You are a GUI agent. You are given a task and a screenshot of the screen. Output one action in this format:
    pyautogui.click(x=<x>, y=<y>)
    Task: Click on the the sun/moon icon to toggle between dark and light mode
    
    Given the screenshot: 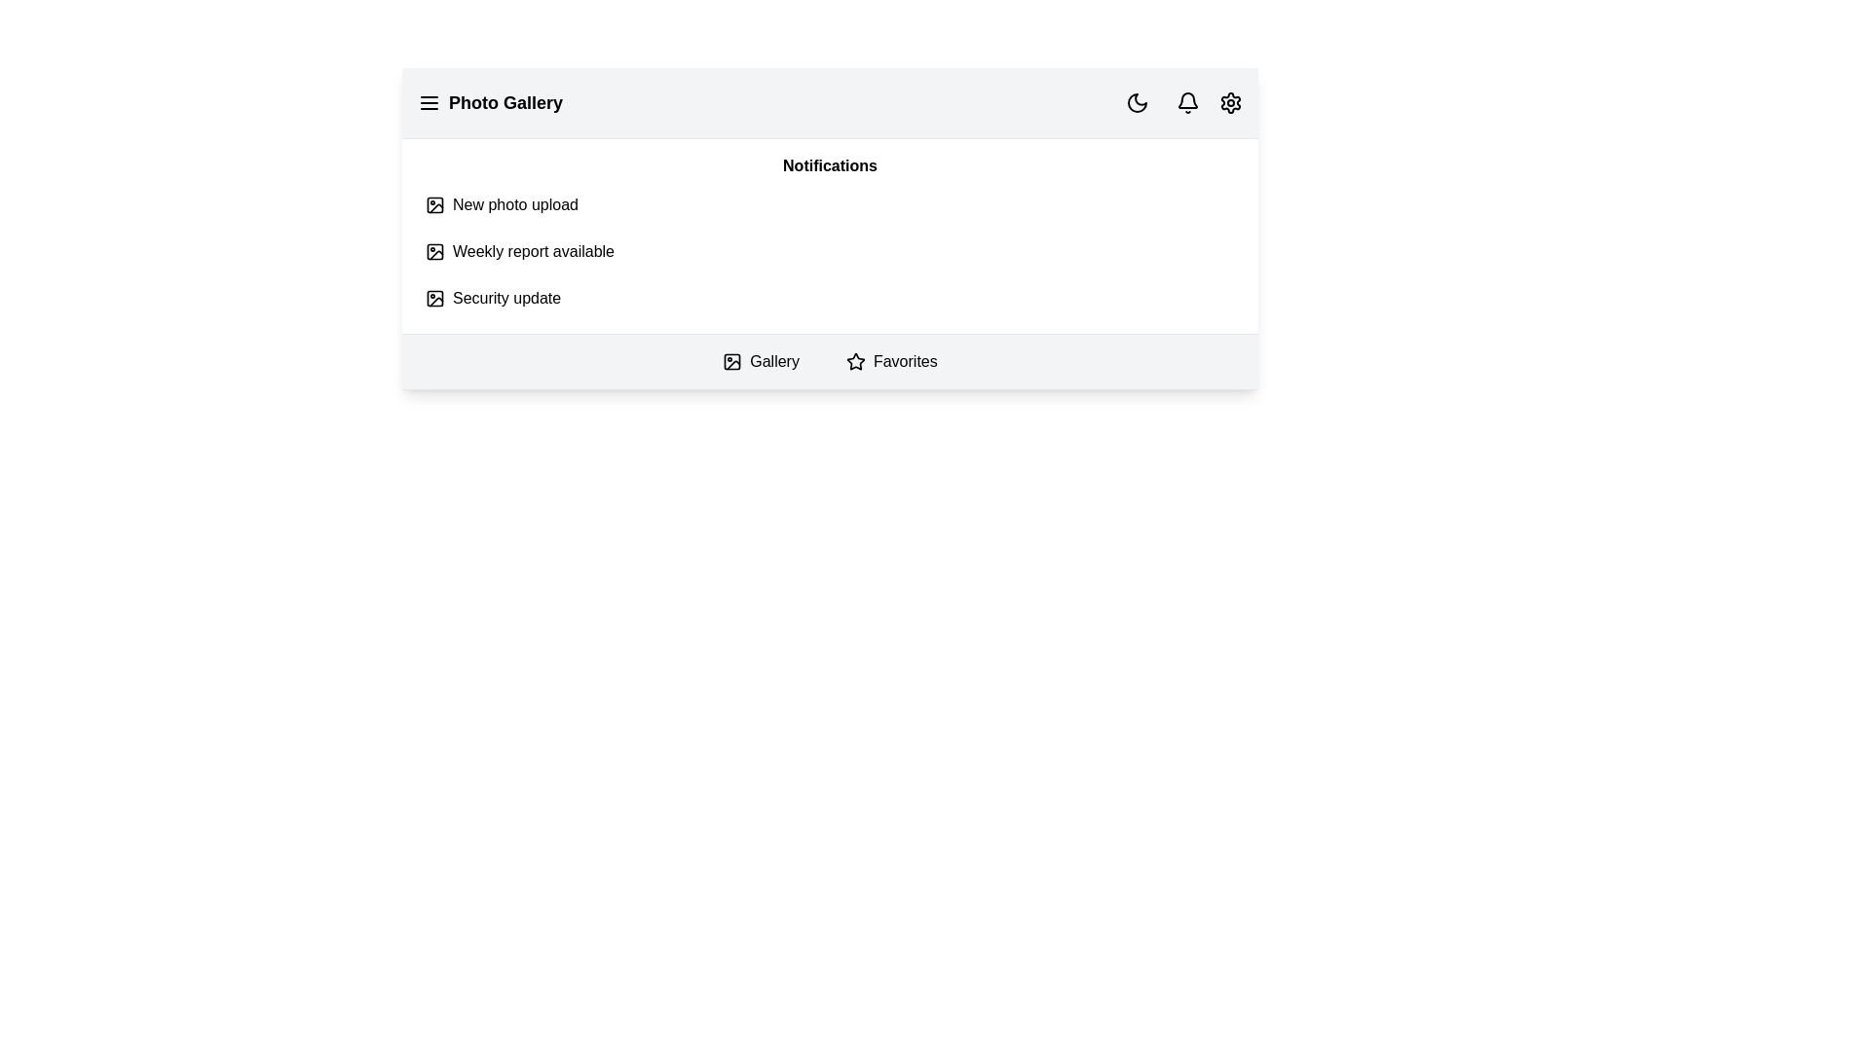 What is the action you would take?
    pyautogui.click(x=1137, y=102)
    